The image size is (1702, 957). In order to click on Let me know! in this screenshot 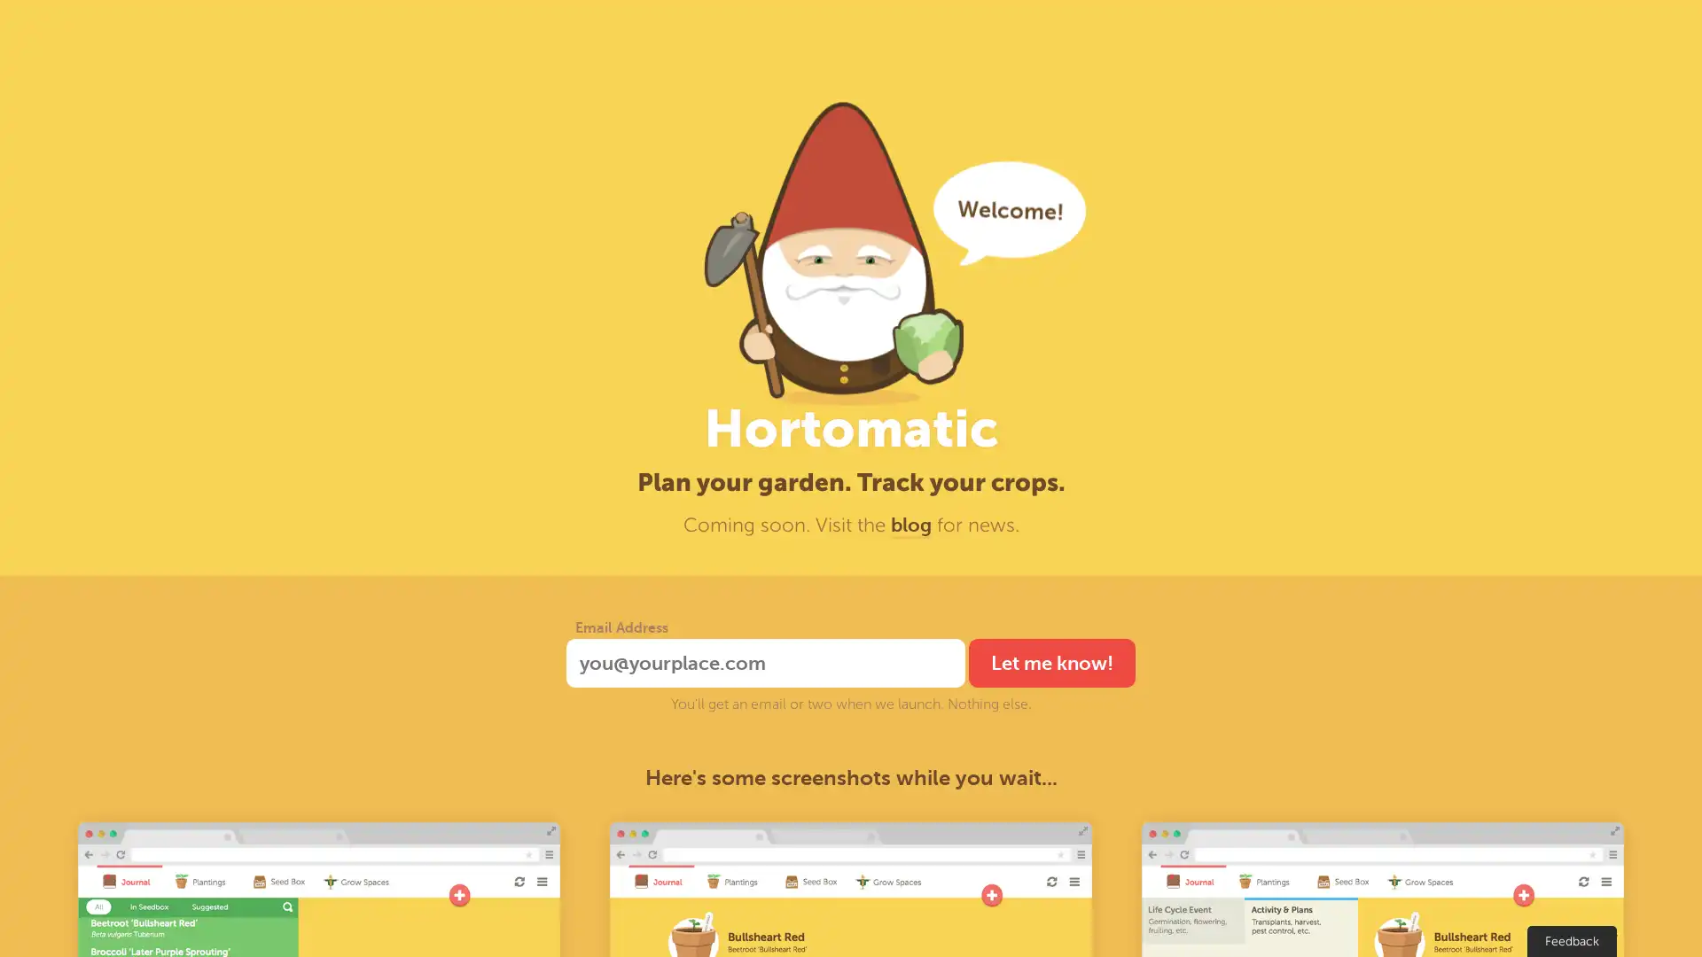, I will do `click(1051, 663)`.